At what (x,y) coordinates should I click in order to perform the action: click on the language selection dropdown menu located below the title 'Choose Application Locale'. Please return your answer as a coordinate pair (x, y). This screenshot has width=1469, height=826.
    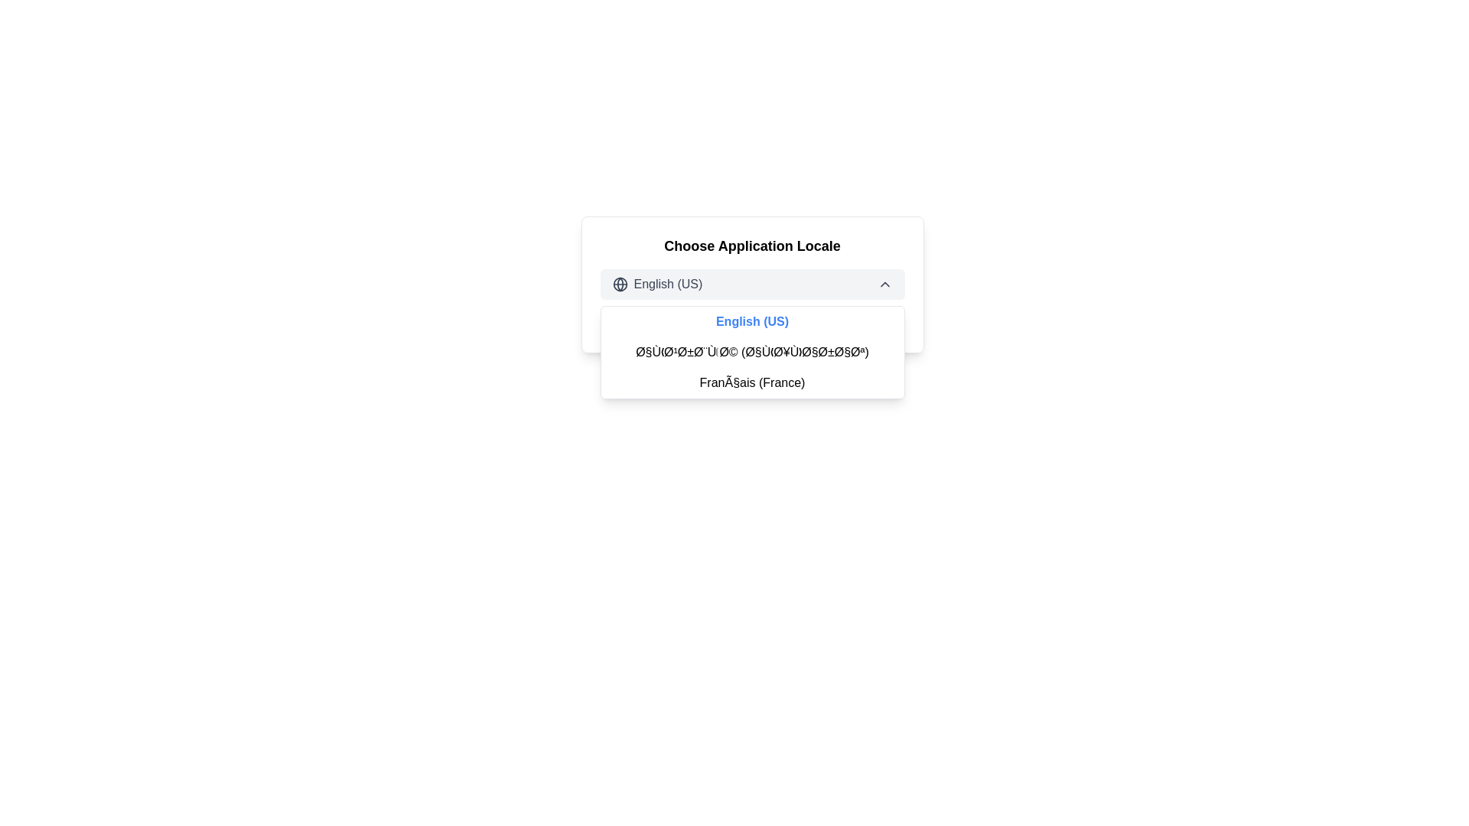
    Looking at the image, I should click on (752, 285).